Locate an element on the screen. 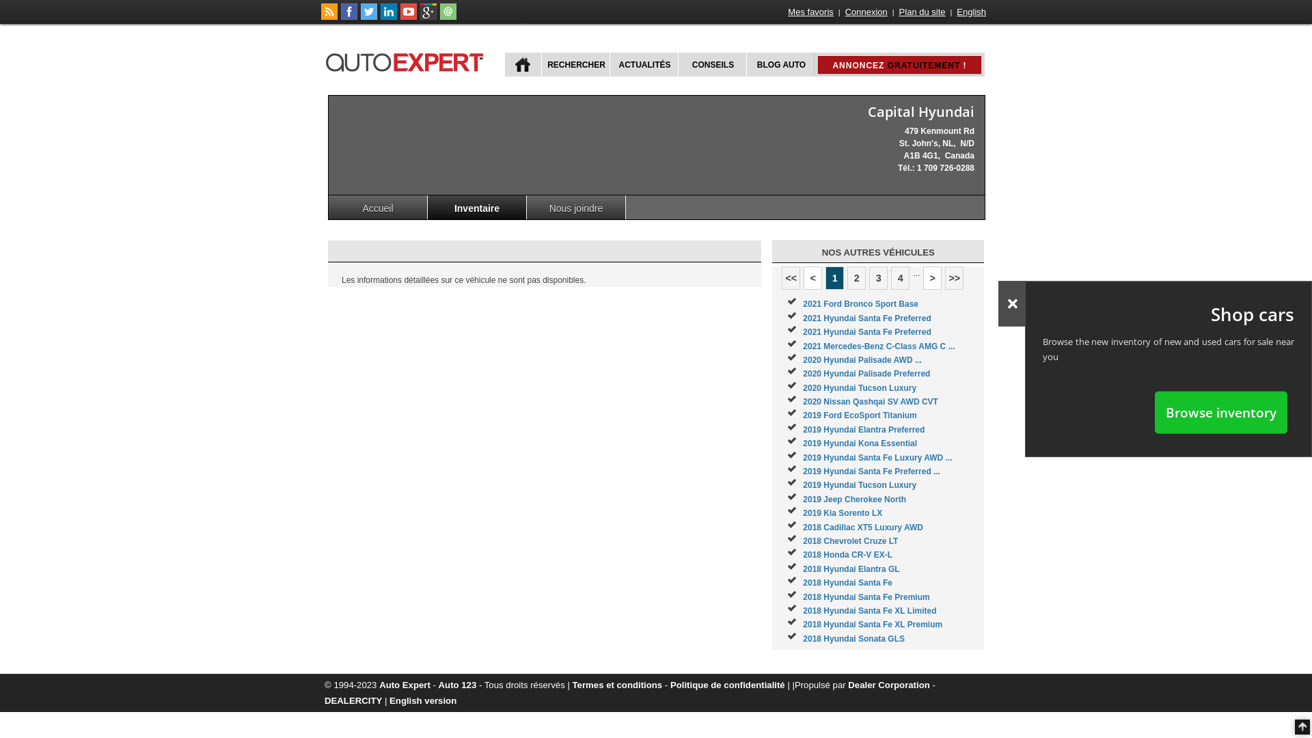 Image resolution: width=1312 pixels, height=738 pixels. '2018 Hyundai Elantra GL' is located at coordinates (803, 569).